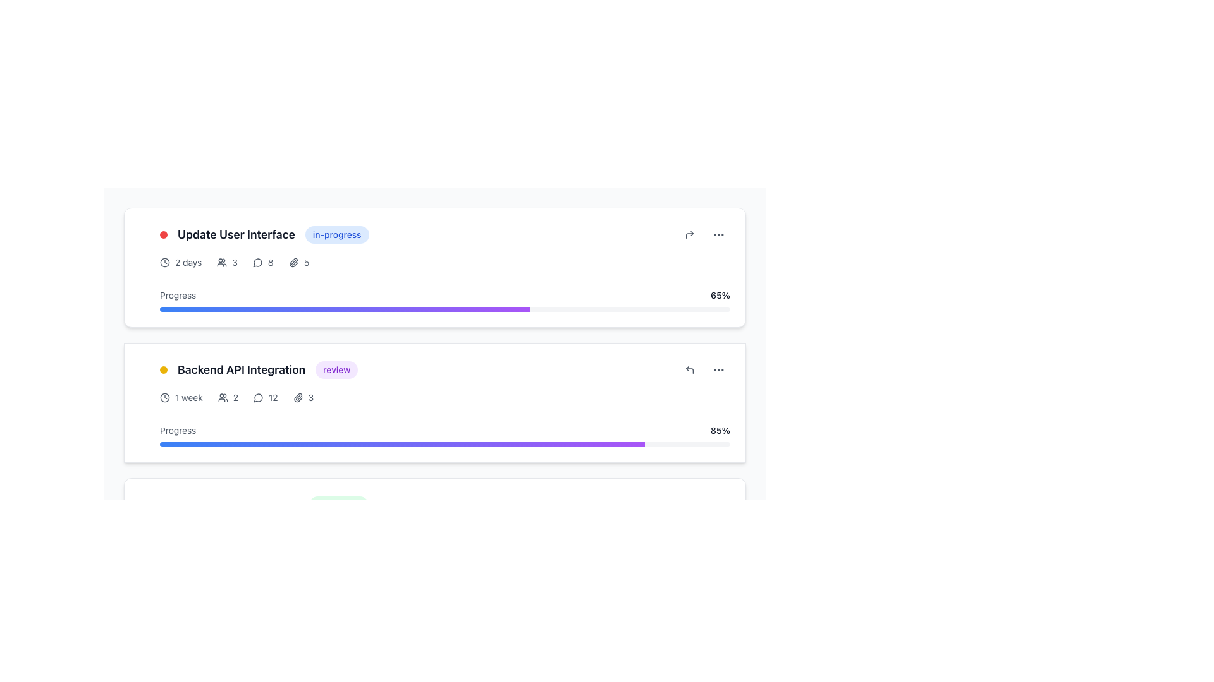 This screenshot has width=1214, height=682. Describe the element at coordinates (265, 397) in the screenshot. I see `the speech bubble icon associated with the numerical label '12', located beneath the 'Backend API Integration' header in the lower section of the second task card` at that location.